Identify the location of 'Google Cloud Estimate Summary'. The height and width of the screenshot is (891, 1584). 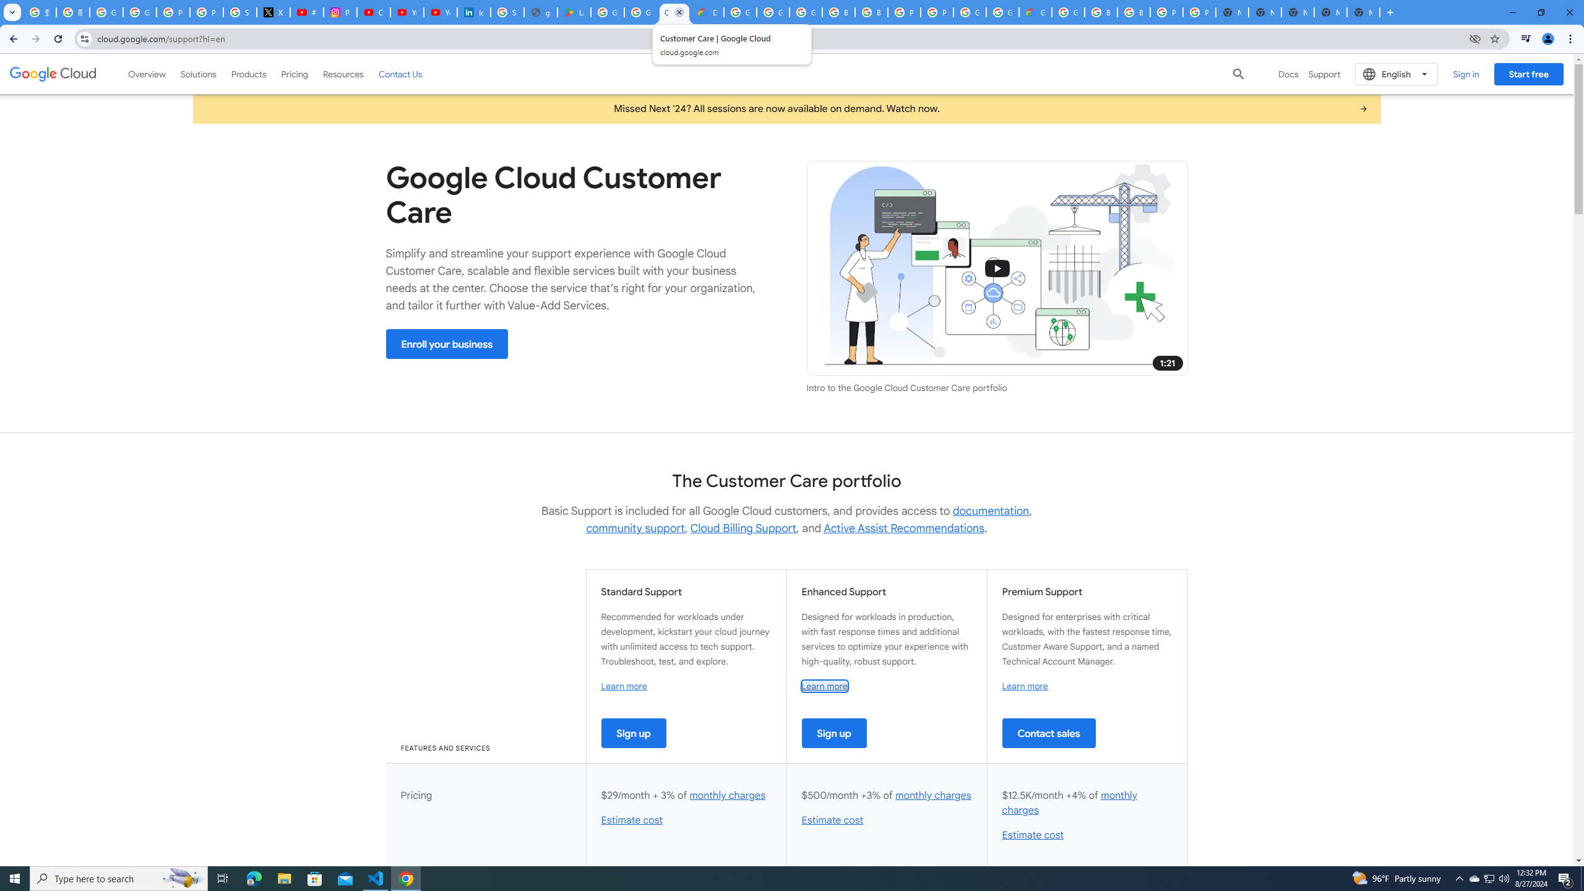
(1036, 12).